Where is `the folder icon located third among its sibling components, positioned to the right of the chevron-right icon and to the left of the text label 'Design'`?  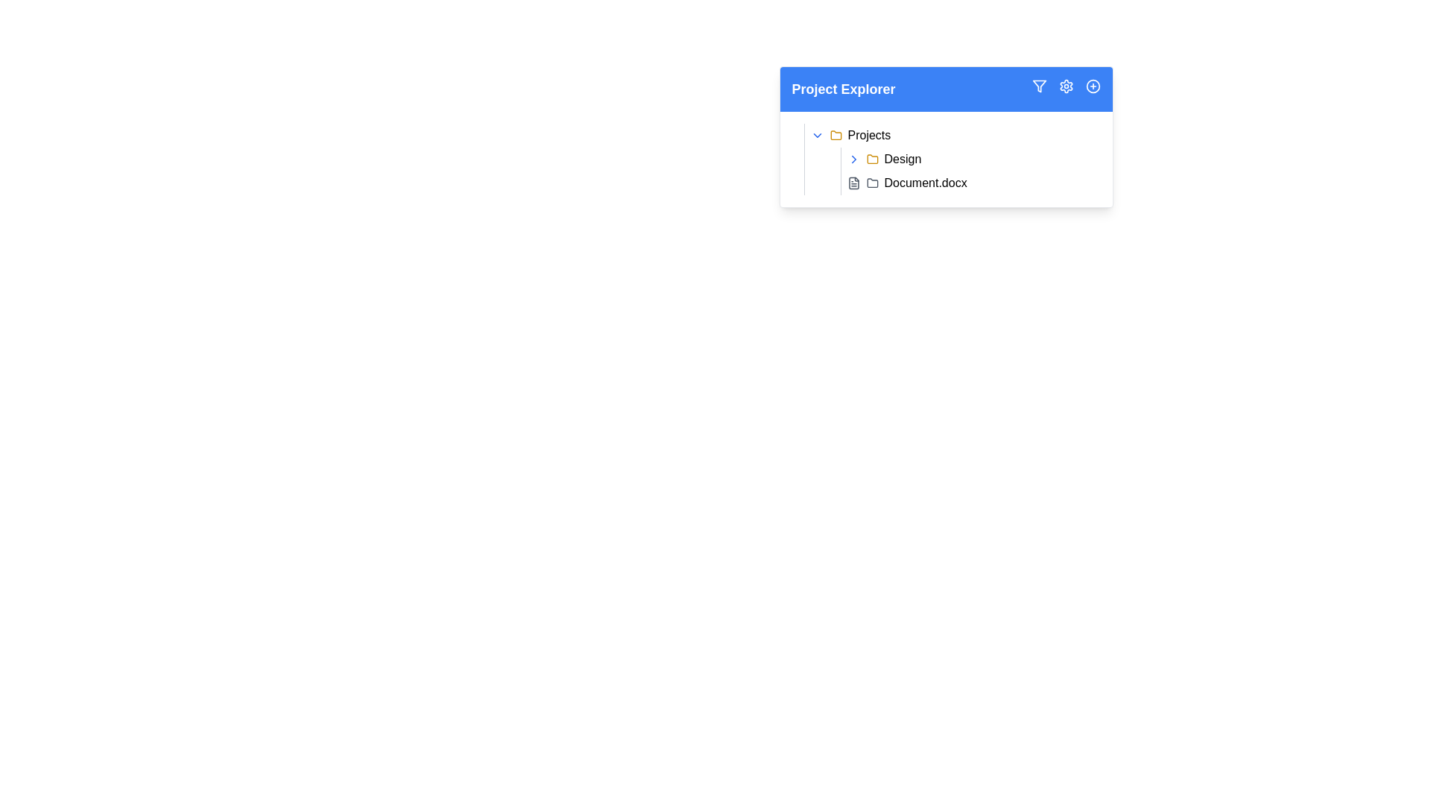 the folder icon located third among its sibling components, positioned to the right of the chevron-right icon and to the left of the text label 'Design' is located at coordinates (872, 159).